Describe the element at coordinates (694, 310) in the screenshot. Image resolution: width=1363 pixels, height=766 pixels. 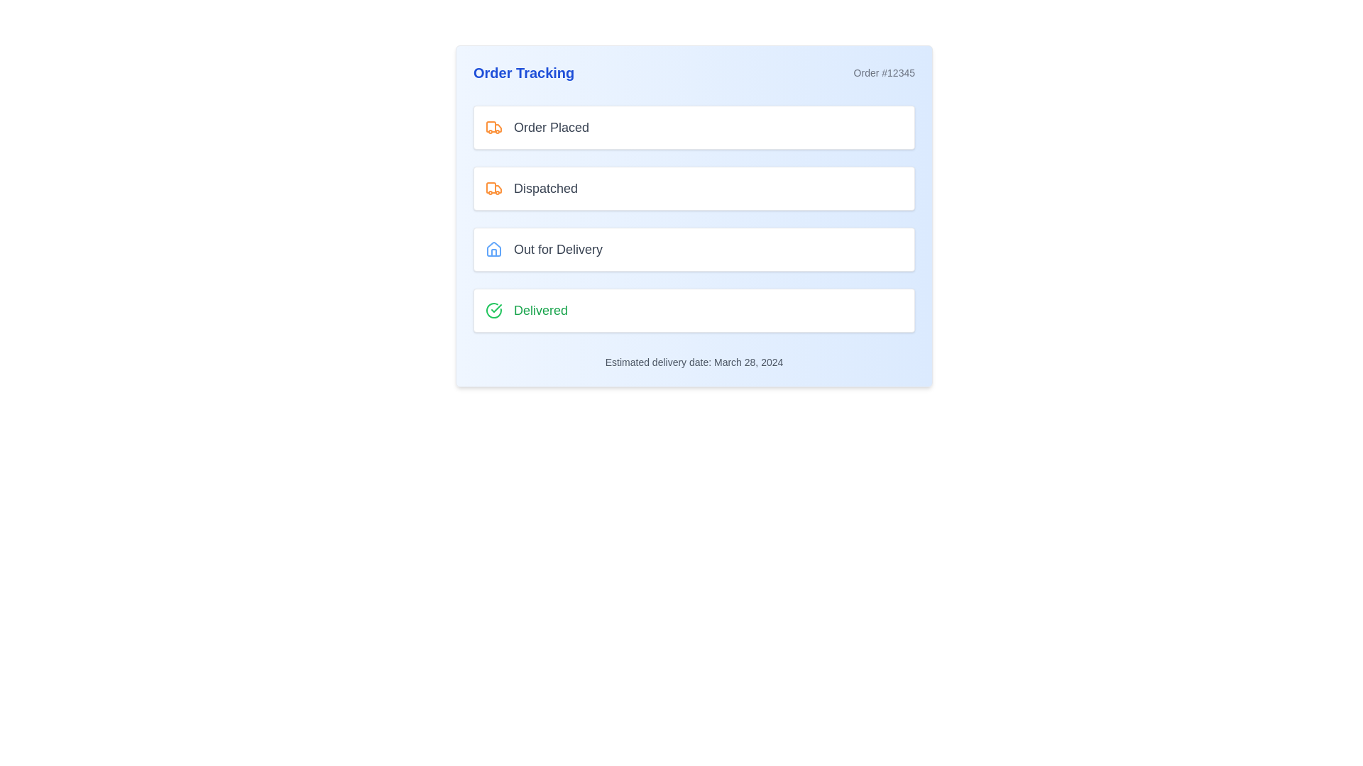
I see `the Status Indicator that represents the final delivery status of an order, located at the bottom of the 'Order Tracking' list` at that location.